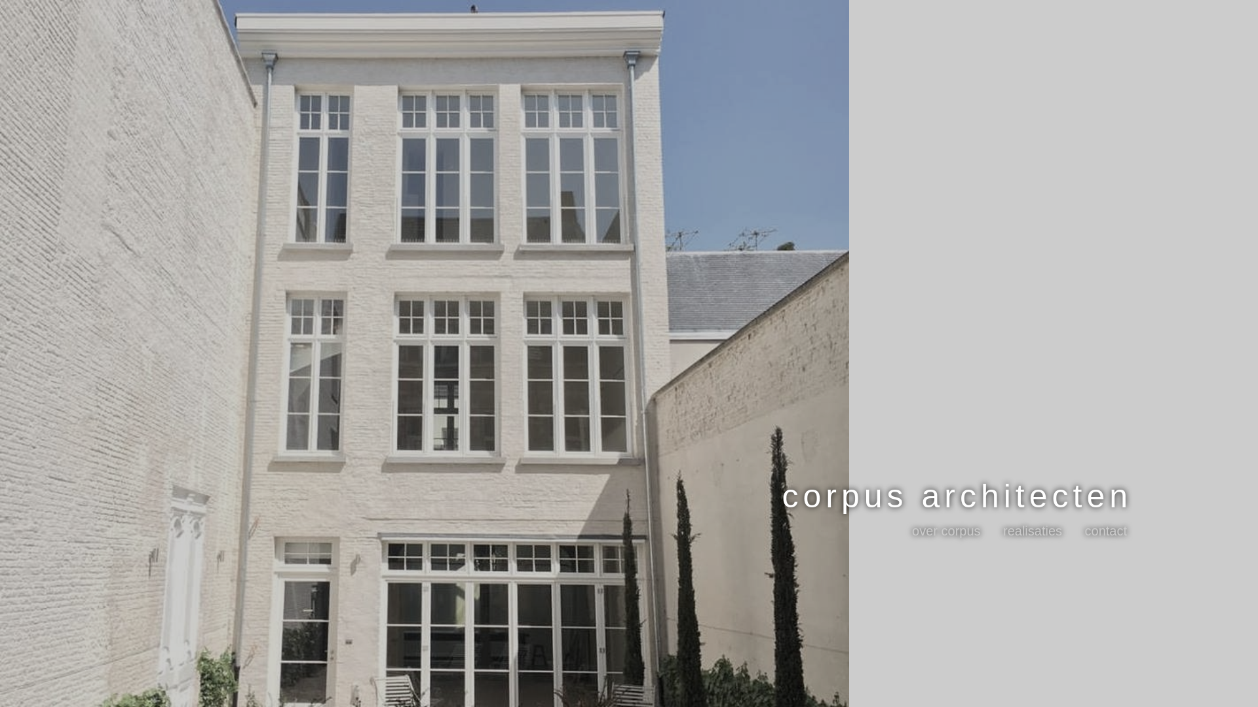  What do you see at coordinates (1105, 530) in the screenshot?
I see `'contact'` at bounding box center [1105, 530].